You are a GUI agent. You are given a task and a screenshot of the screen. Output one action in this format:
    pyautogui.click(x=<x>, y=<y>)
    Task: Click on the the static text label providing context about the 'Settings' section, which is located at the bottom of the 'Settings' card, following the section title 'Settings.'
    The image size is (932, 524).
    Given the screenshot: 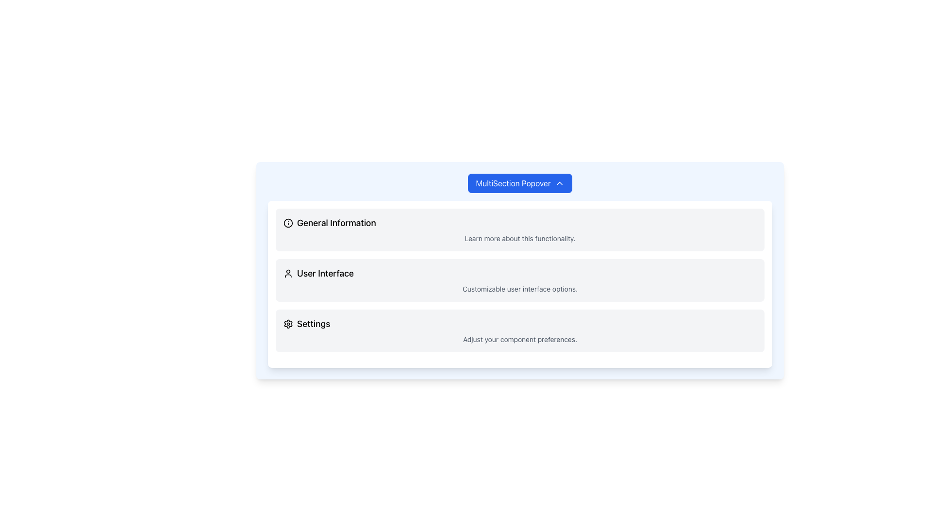 What is the action you would take?
    pyautogui.click(x=519, y=339)
    